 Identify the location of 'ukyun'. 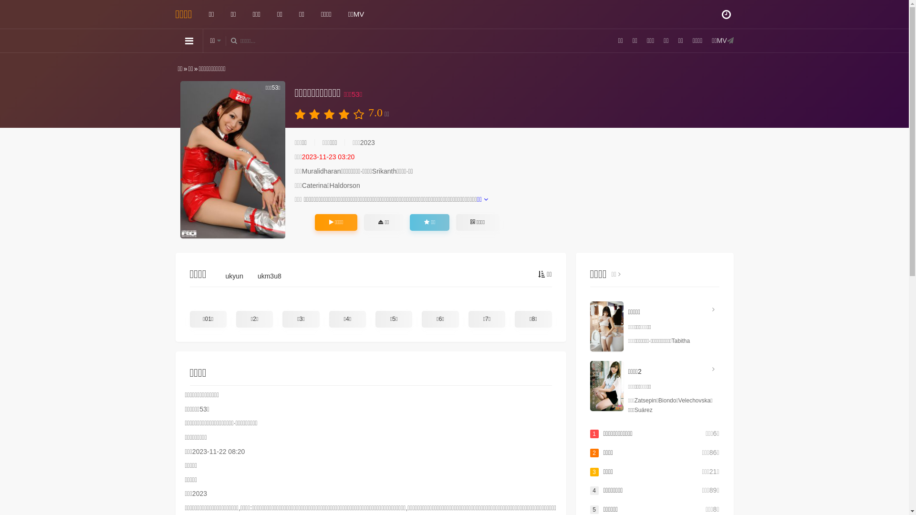
(234, 278).